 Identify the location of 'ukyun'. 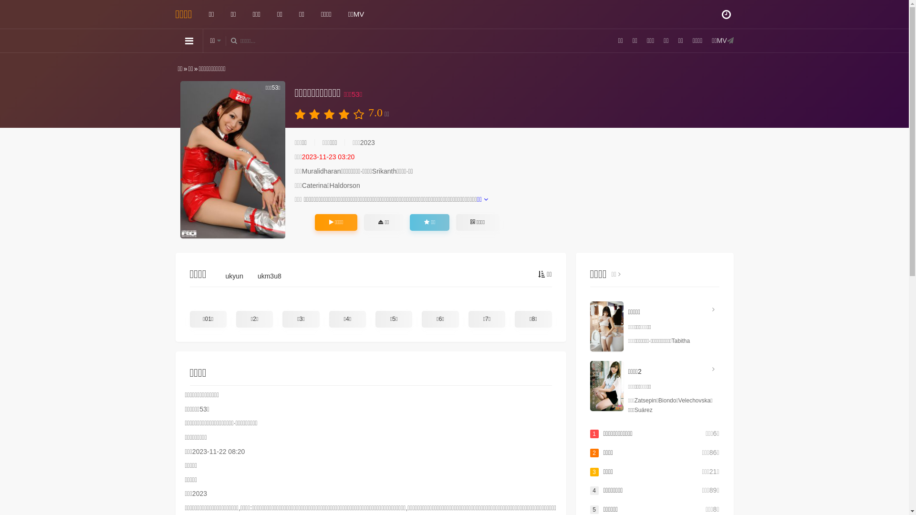
(234, 278).